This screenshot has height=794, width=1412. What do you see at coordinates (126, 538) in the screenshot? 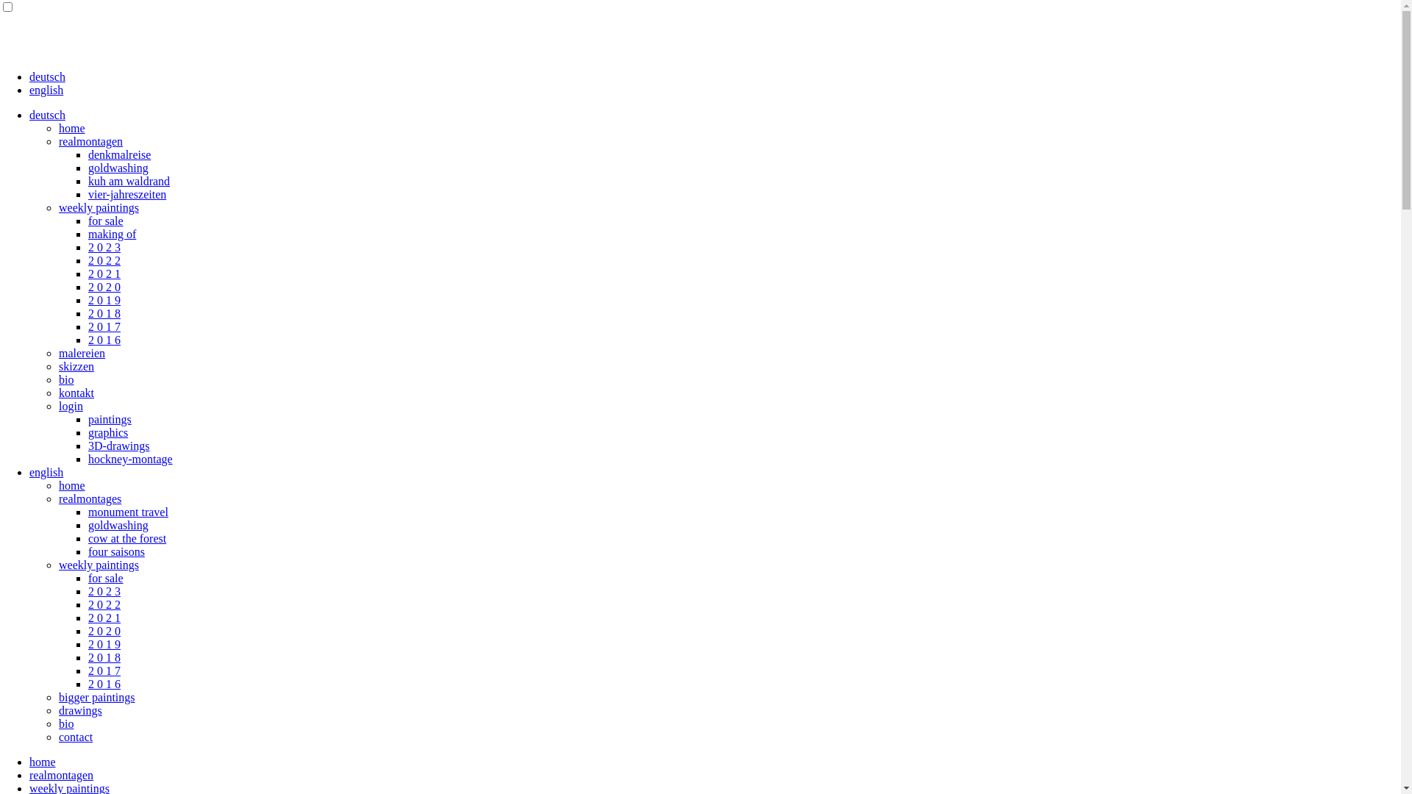
I see `'cow at the forest'` at bounding box center [126, 538].